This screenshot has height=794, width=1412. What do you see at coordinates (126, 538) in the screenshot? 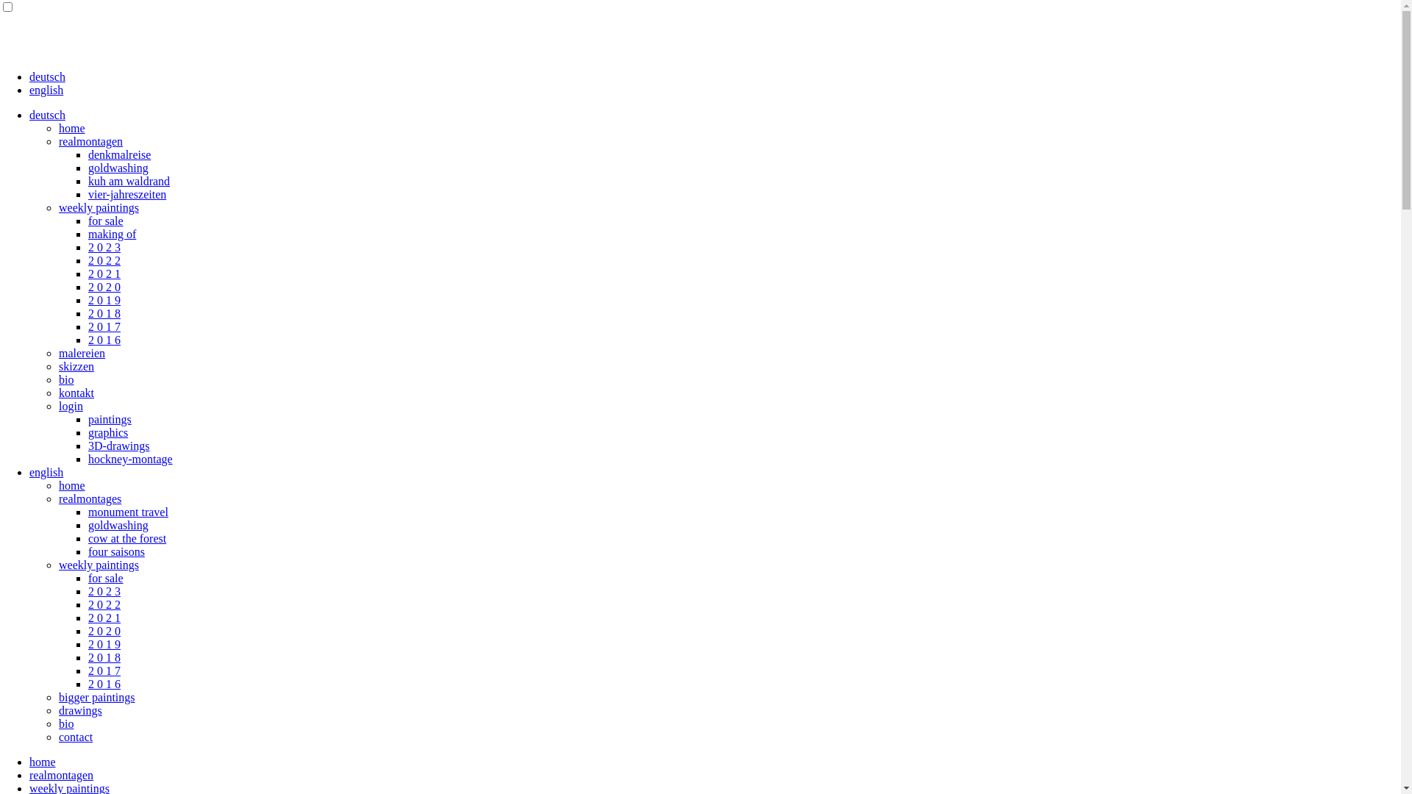
I see `'cow at the forest'` at bounding box center [126, 538].